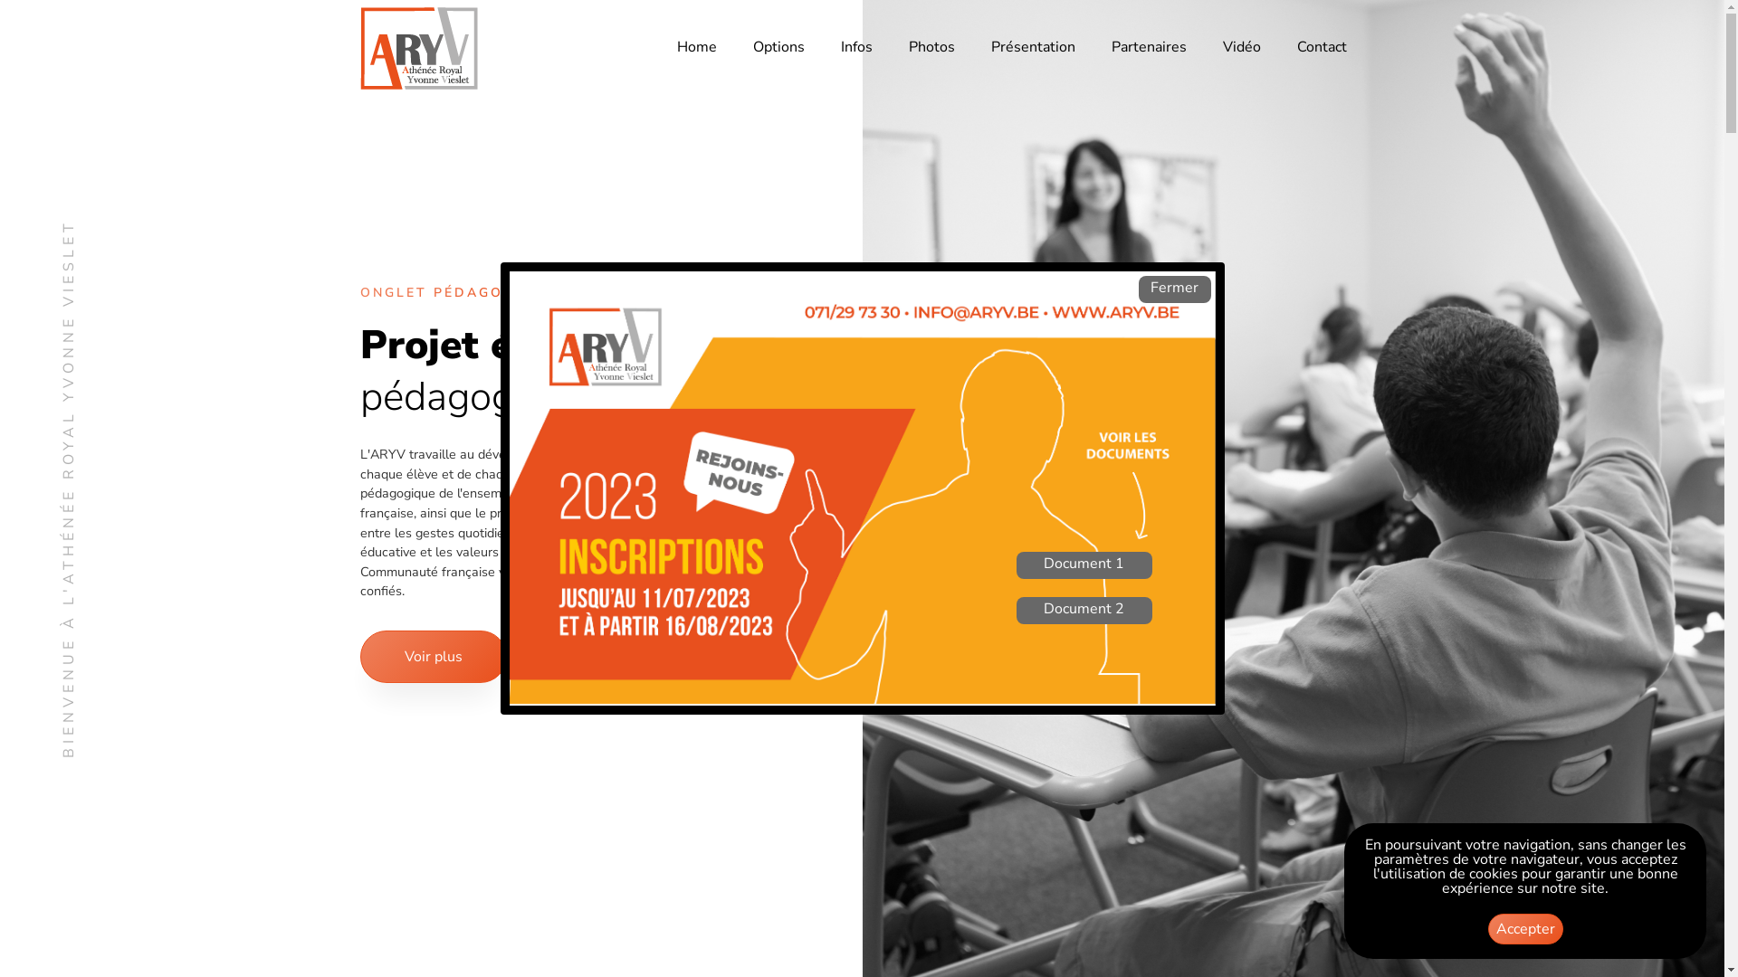  What do you see at coordinates (1174, 289) in the screenshot?
I see `'Fermer'` at bounding box center [1174, 289].